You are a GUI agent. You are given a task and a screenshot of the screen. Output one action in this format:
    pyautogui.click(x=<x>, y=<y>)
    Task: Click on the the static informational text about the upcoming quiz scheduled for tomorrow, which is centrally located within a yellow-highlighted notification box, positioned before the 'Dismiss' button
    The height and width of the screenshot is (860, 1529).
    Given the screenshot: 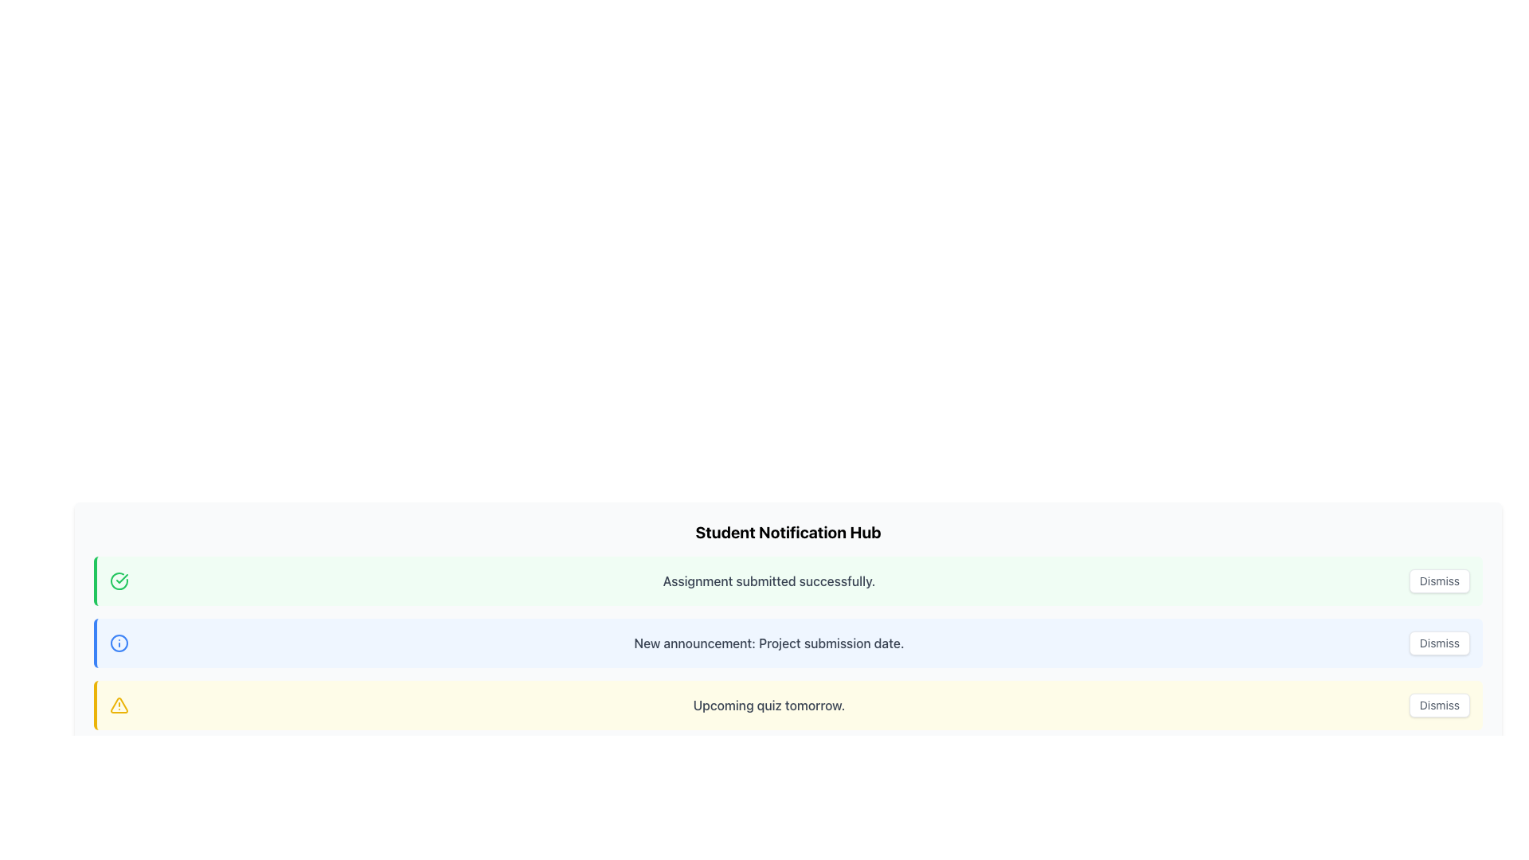 What is the action you would take?
    pyautogui.click(x=768, y=705)
    